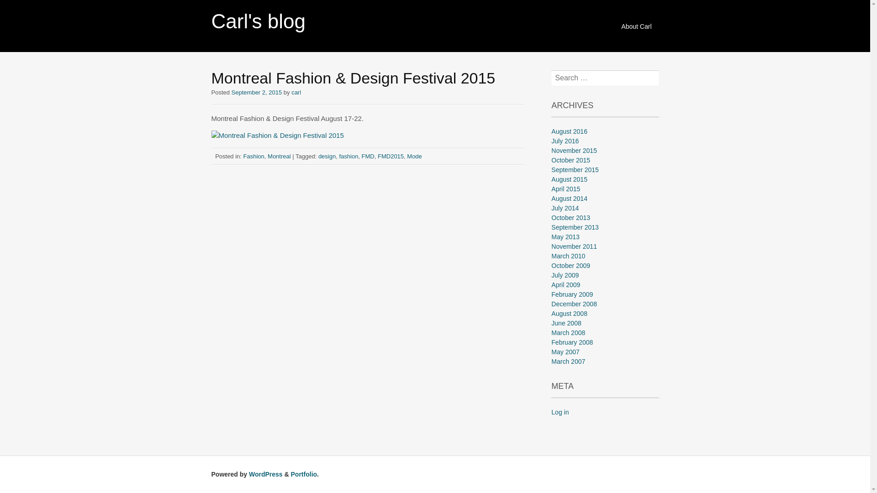 This screenshot has height=493, width=877. Describe the element at coordinates (304, 473) in the screenshot. I see `'Portfolio'` at that location.